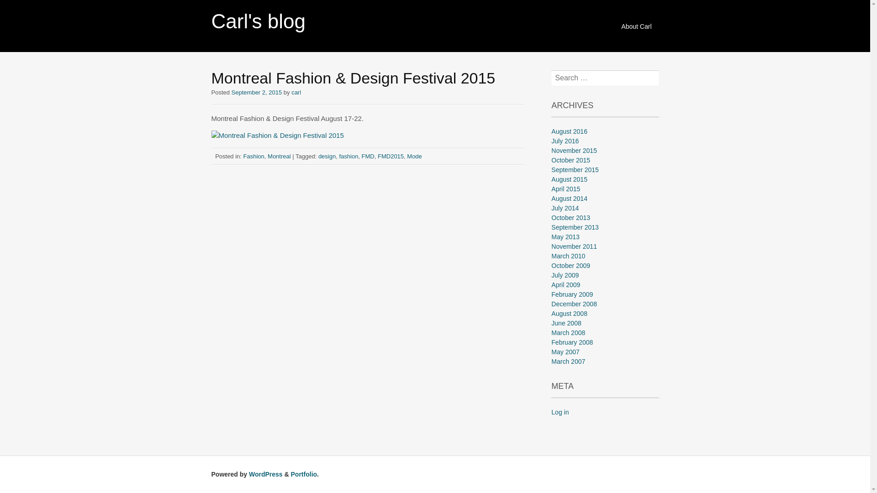 This screenshot has height=493, width=877. Describe the element at coordinates (304, 473) in the screenshot. I see `'Portfolio'` at that location.